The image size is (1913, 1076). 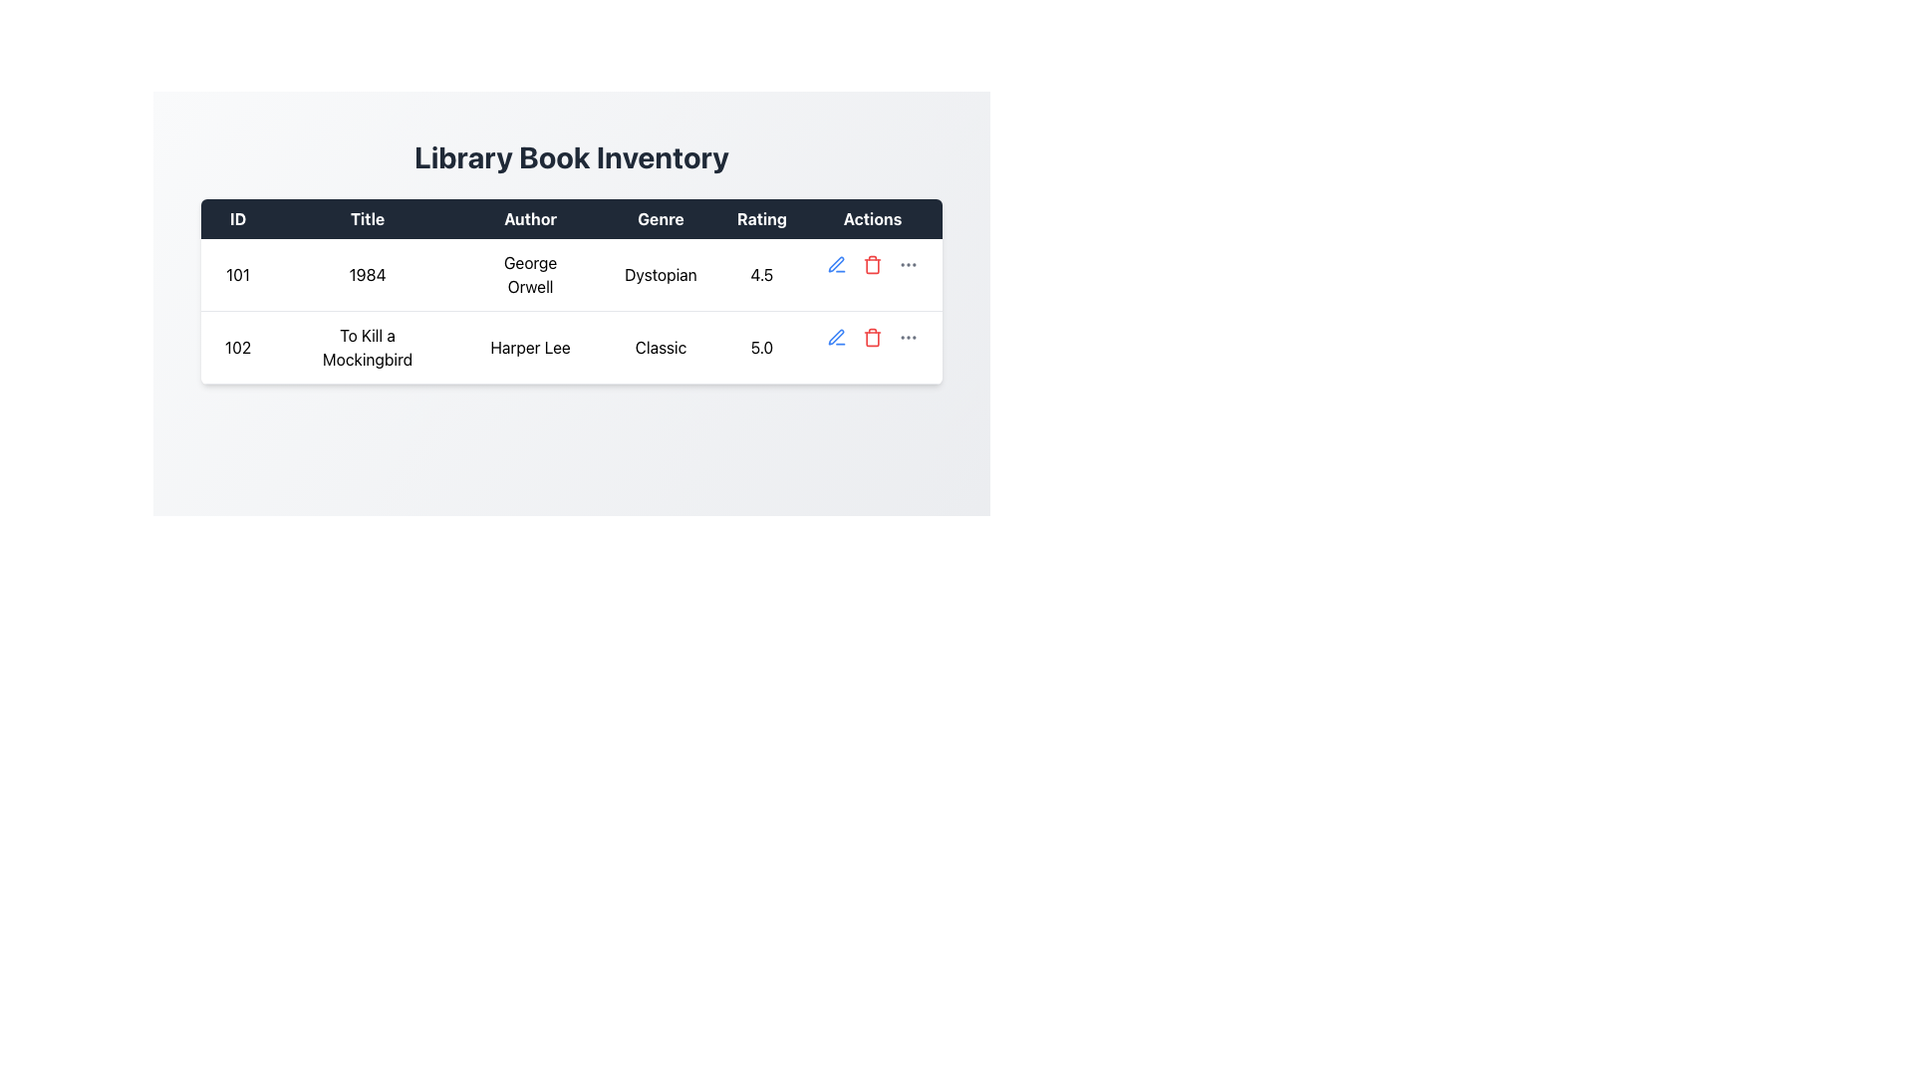 What do you see at coordinates (238, 218) in the screenshot?
I see `the first Table Header Cell` at bounding box center [238, 218].